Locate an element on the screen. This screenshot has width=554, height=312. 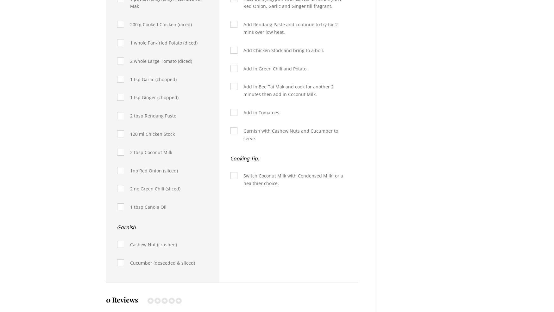
'Add Chicken Stock and bring to a boil.' is located at coordinates (283, 50).